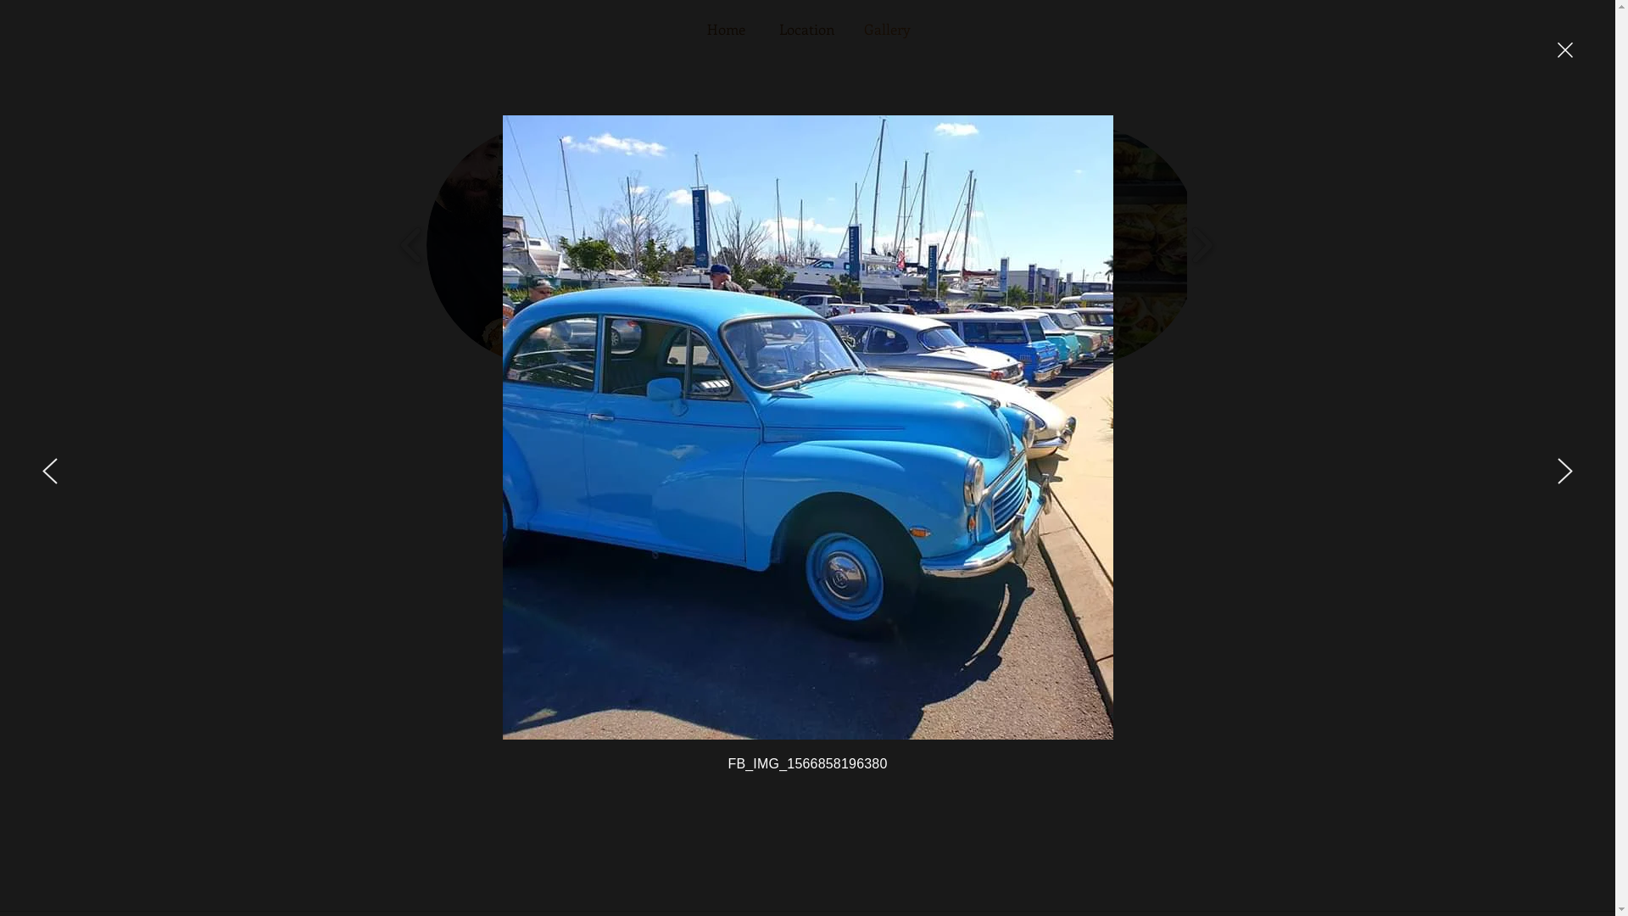 Image resolution: width=1628 pixels, height=916 pixels. What do you see at coordinates (806, 29) in the screenshot?
I see `'Location'` at bounding box center [806, 29].